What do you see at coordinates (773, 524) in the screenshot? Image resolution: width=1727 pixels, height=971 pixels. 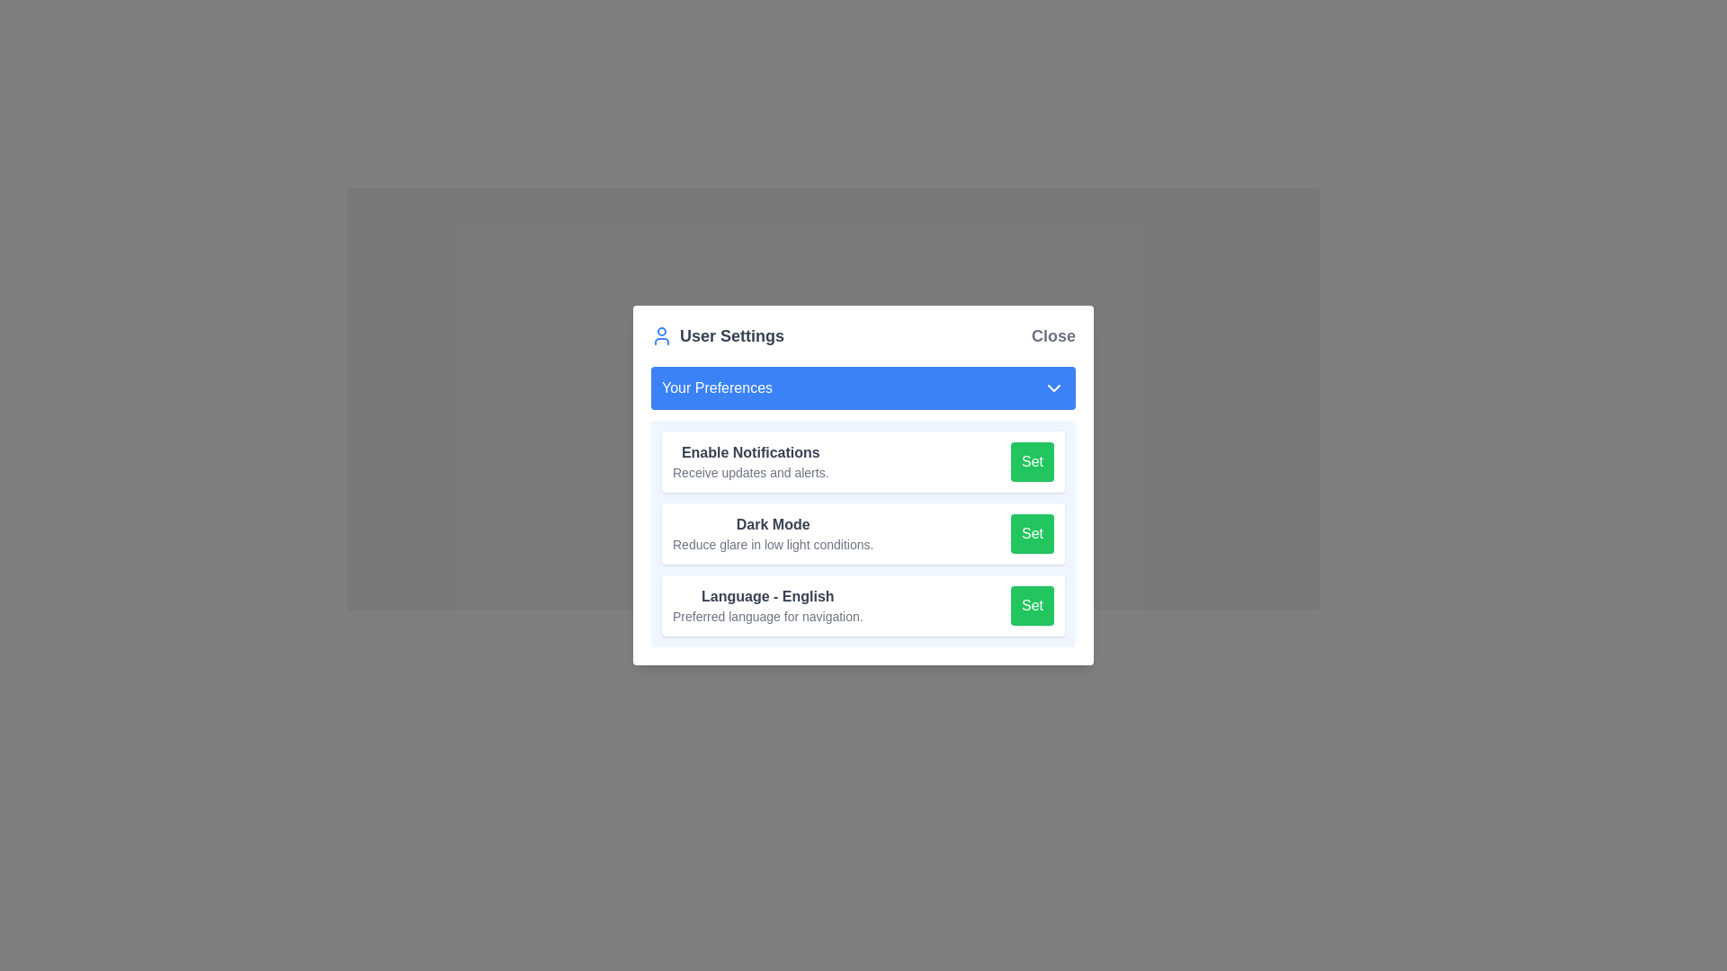 I see `the bolded text label saying 'Dark Mode' located in the user preferences panel, positioned between 'Enable Notifications' and the description text 'Reduce glare in low light conditions.'` at bounding box center [773, 524].